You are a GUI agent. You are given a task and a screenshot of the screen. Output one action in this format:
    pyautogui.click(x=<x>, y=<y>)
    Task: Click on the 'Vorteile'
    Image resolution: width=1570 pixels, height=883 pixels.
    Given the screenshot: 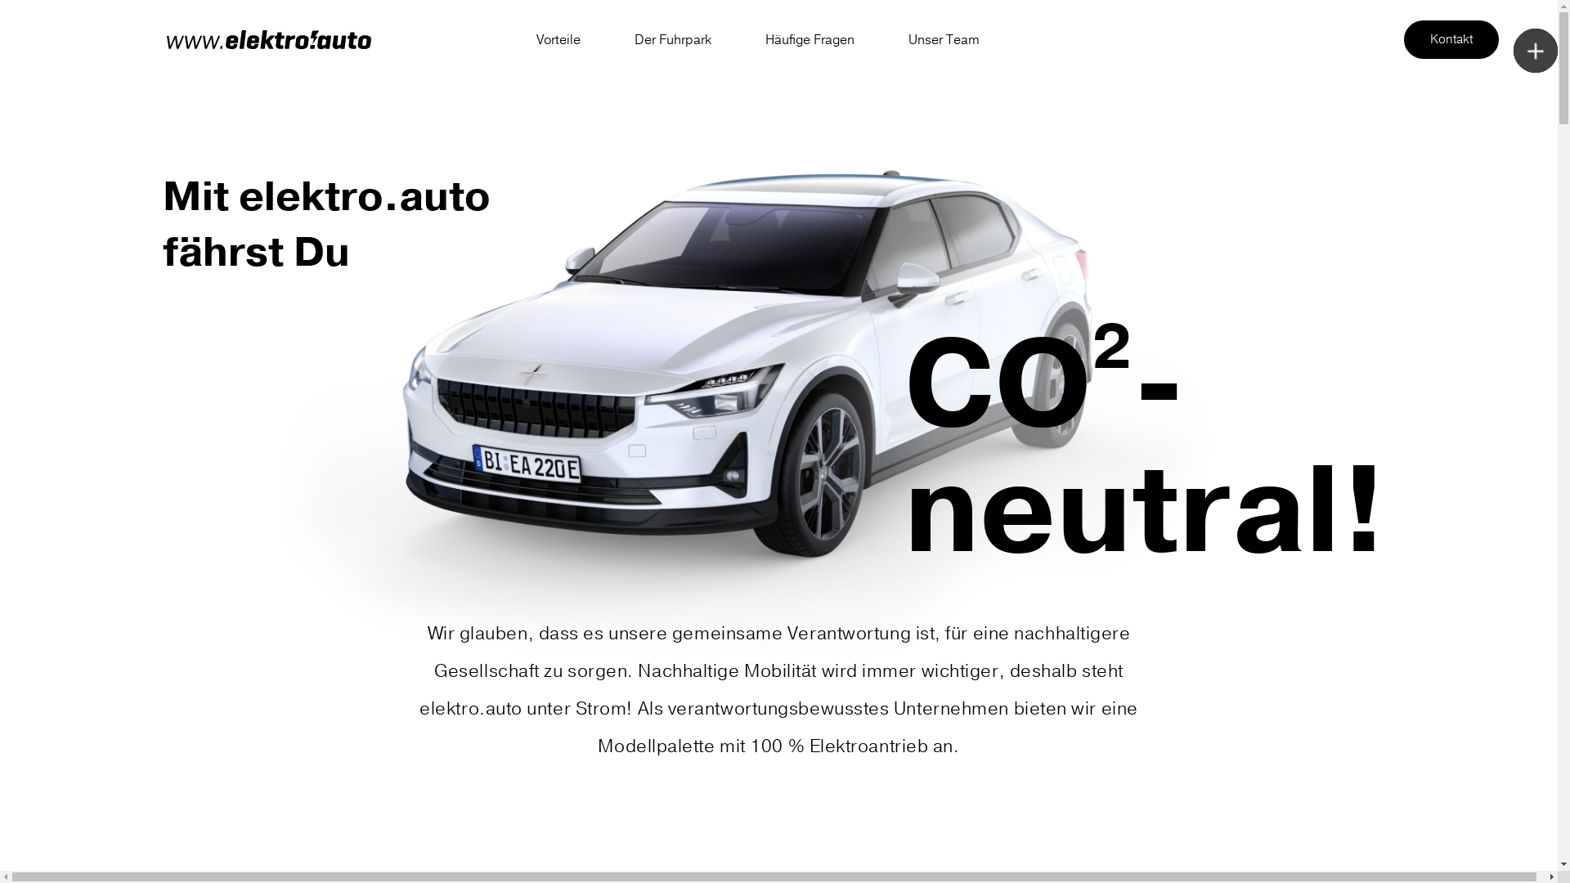 What is the action you would take?
    pyautogui.click(x=558, y=39)
    